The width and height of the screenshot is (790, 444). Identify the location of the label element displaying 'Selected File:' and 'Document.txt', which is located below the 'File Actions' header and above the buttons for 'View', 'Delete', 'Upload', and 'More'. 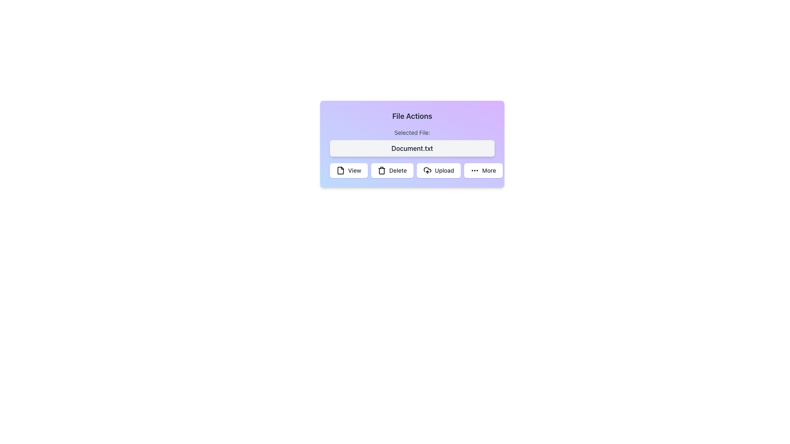
(412, 142).